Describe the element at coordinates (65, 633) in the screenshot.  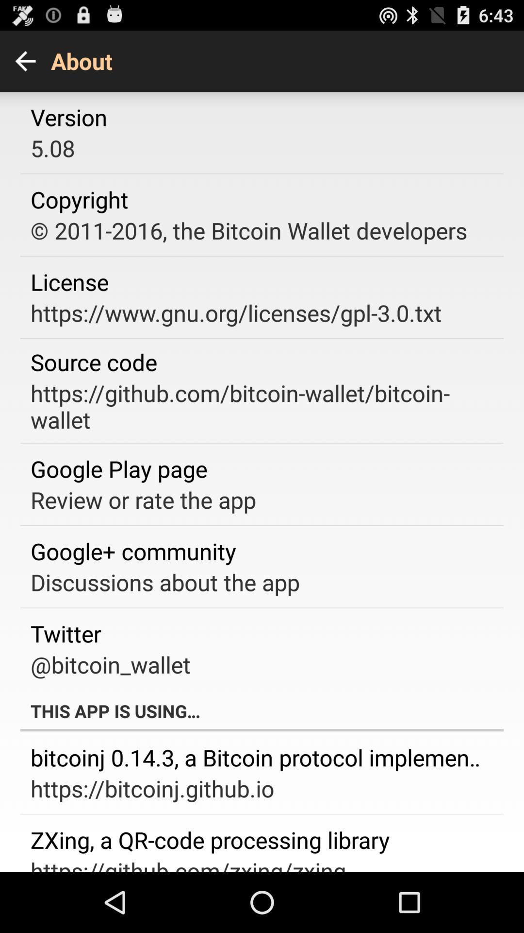
I see `the app above @bitcoin_wallet` at that location.